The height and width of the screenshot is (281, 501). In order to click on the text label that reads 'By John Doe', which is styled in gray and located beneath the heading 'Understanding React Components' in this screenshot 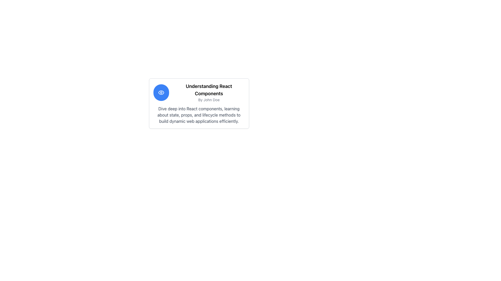, I will do `click(209, 100)`.